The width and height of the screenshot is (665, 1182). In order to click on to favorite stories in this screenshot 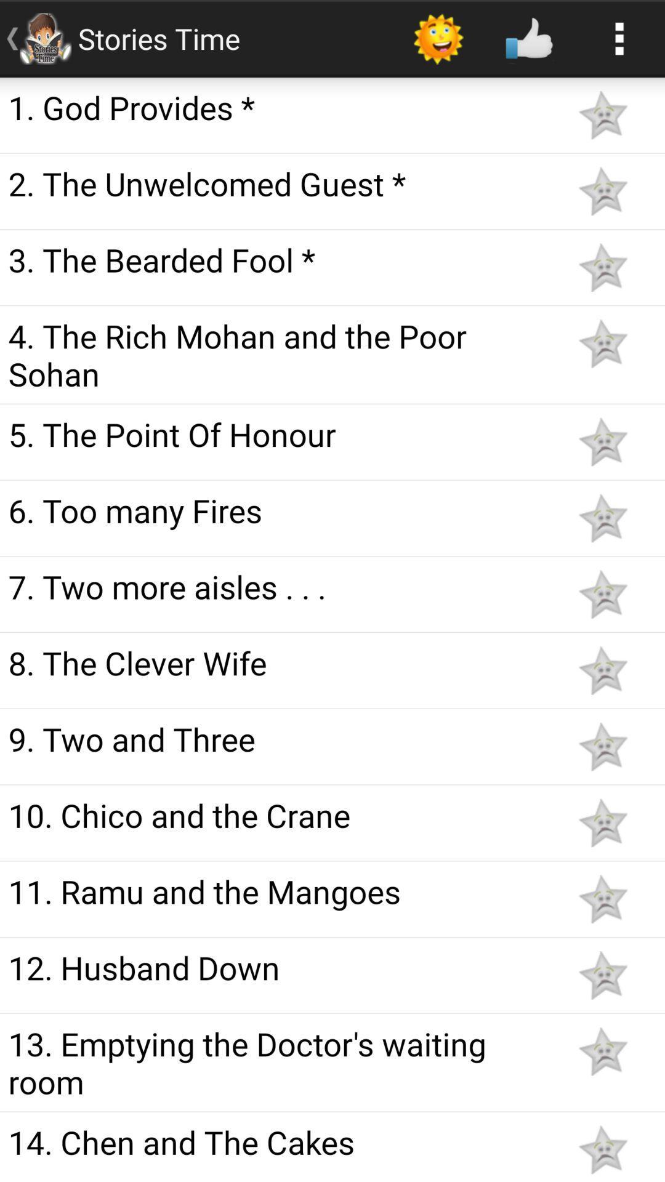, I will do `click(602, 190)`.